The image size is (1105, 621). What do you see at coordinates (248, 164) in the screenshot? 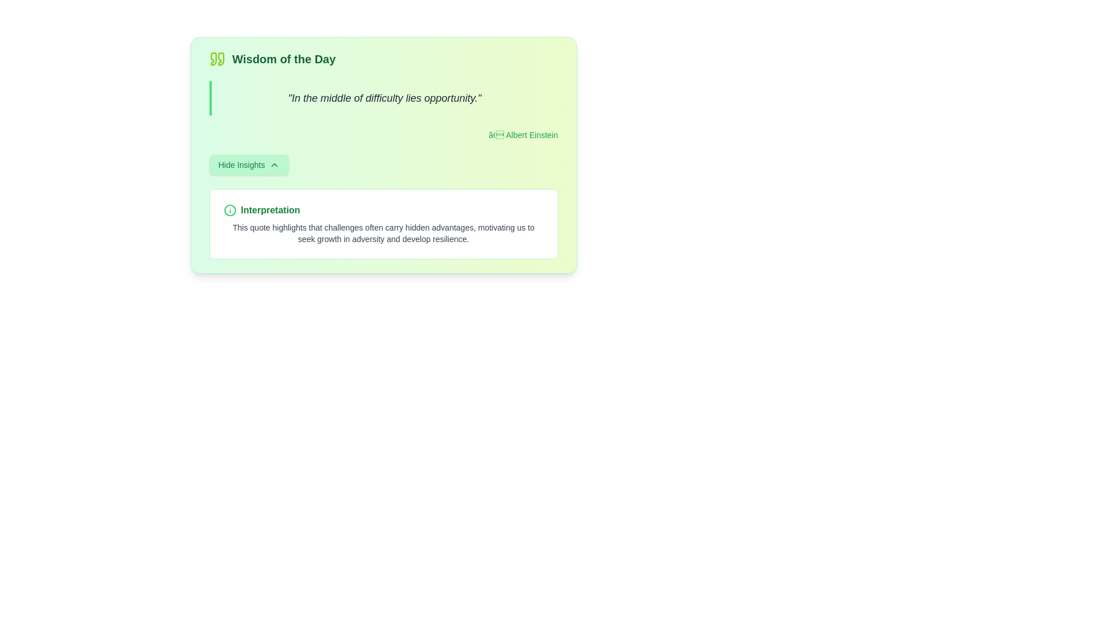
I see `the button located at the bottom of the 'Wisdom of the Day' section` at bounding box center [248, 164].